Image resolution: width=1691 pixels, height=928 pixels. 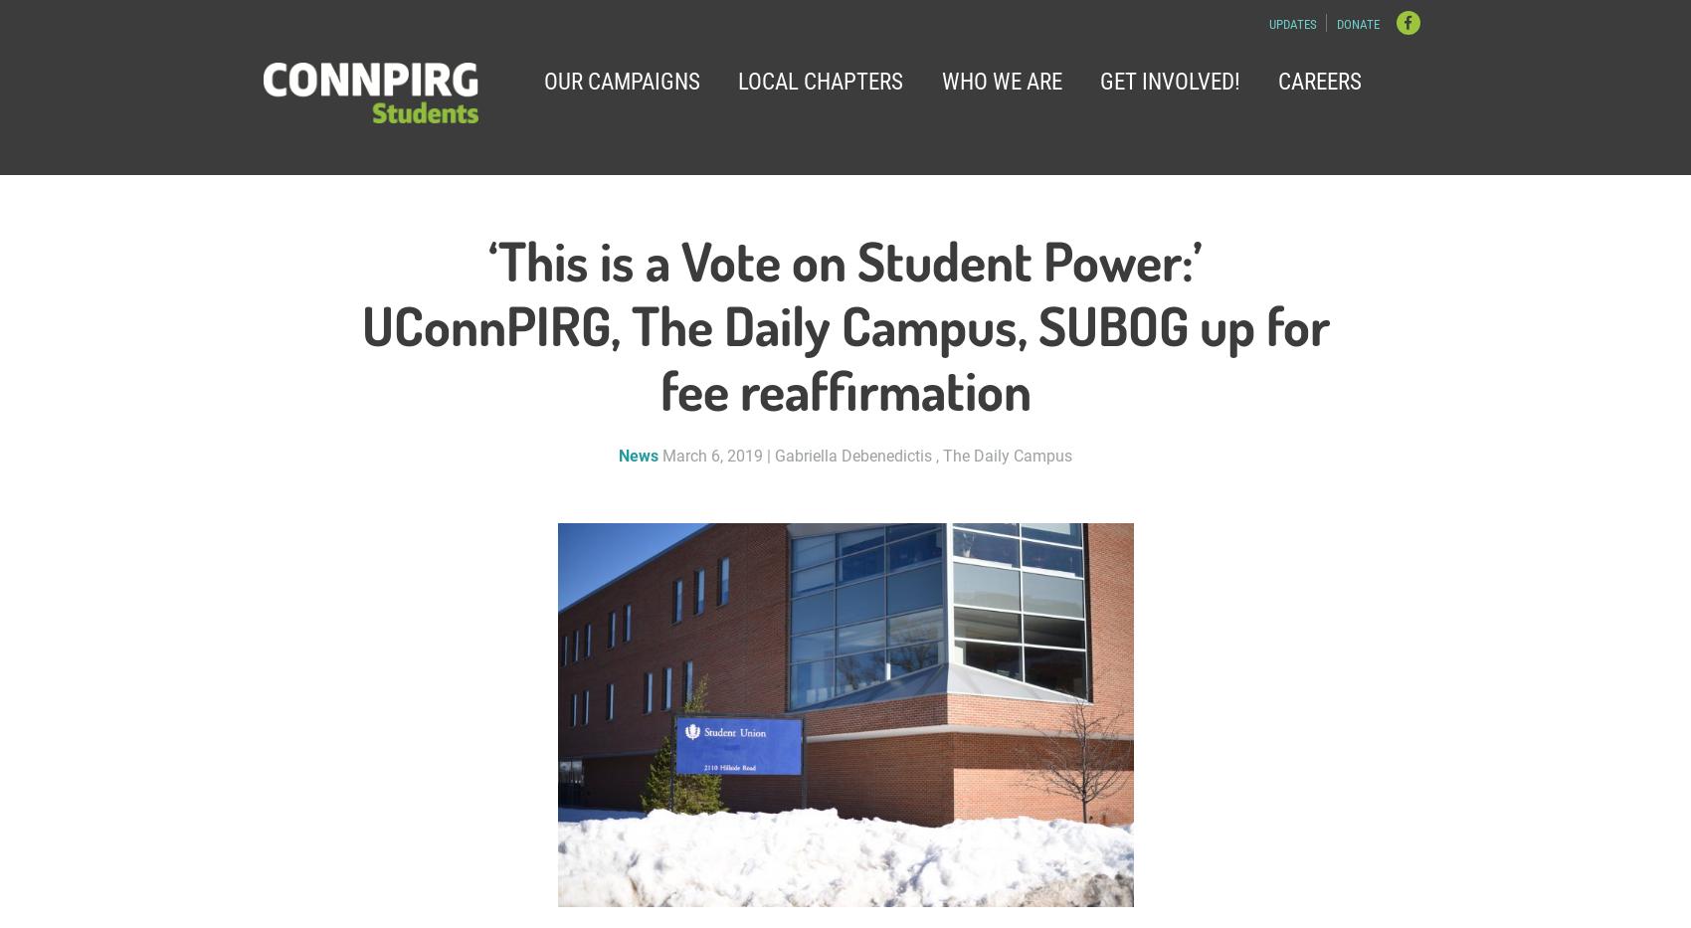 What do you see at coordinates (1291, 23) in the screenshot?
I see `'Updates'` at bounding box center [1291, 23].